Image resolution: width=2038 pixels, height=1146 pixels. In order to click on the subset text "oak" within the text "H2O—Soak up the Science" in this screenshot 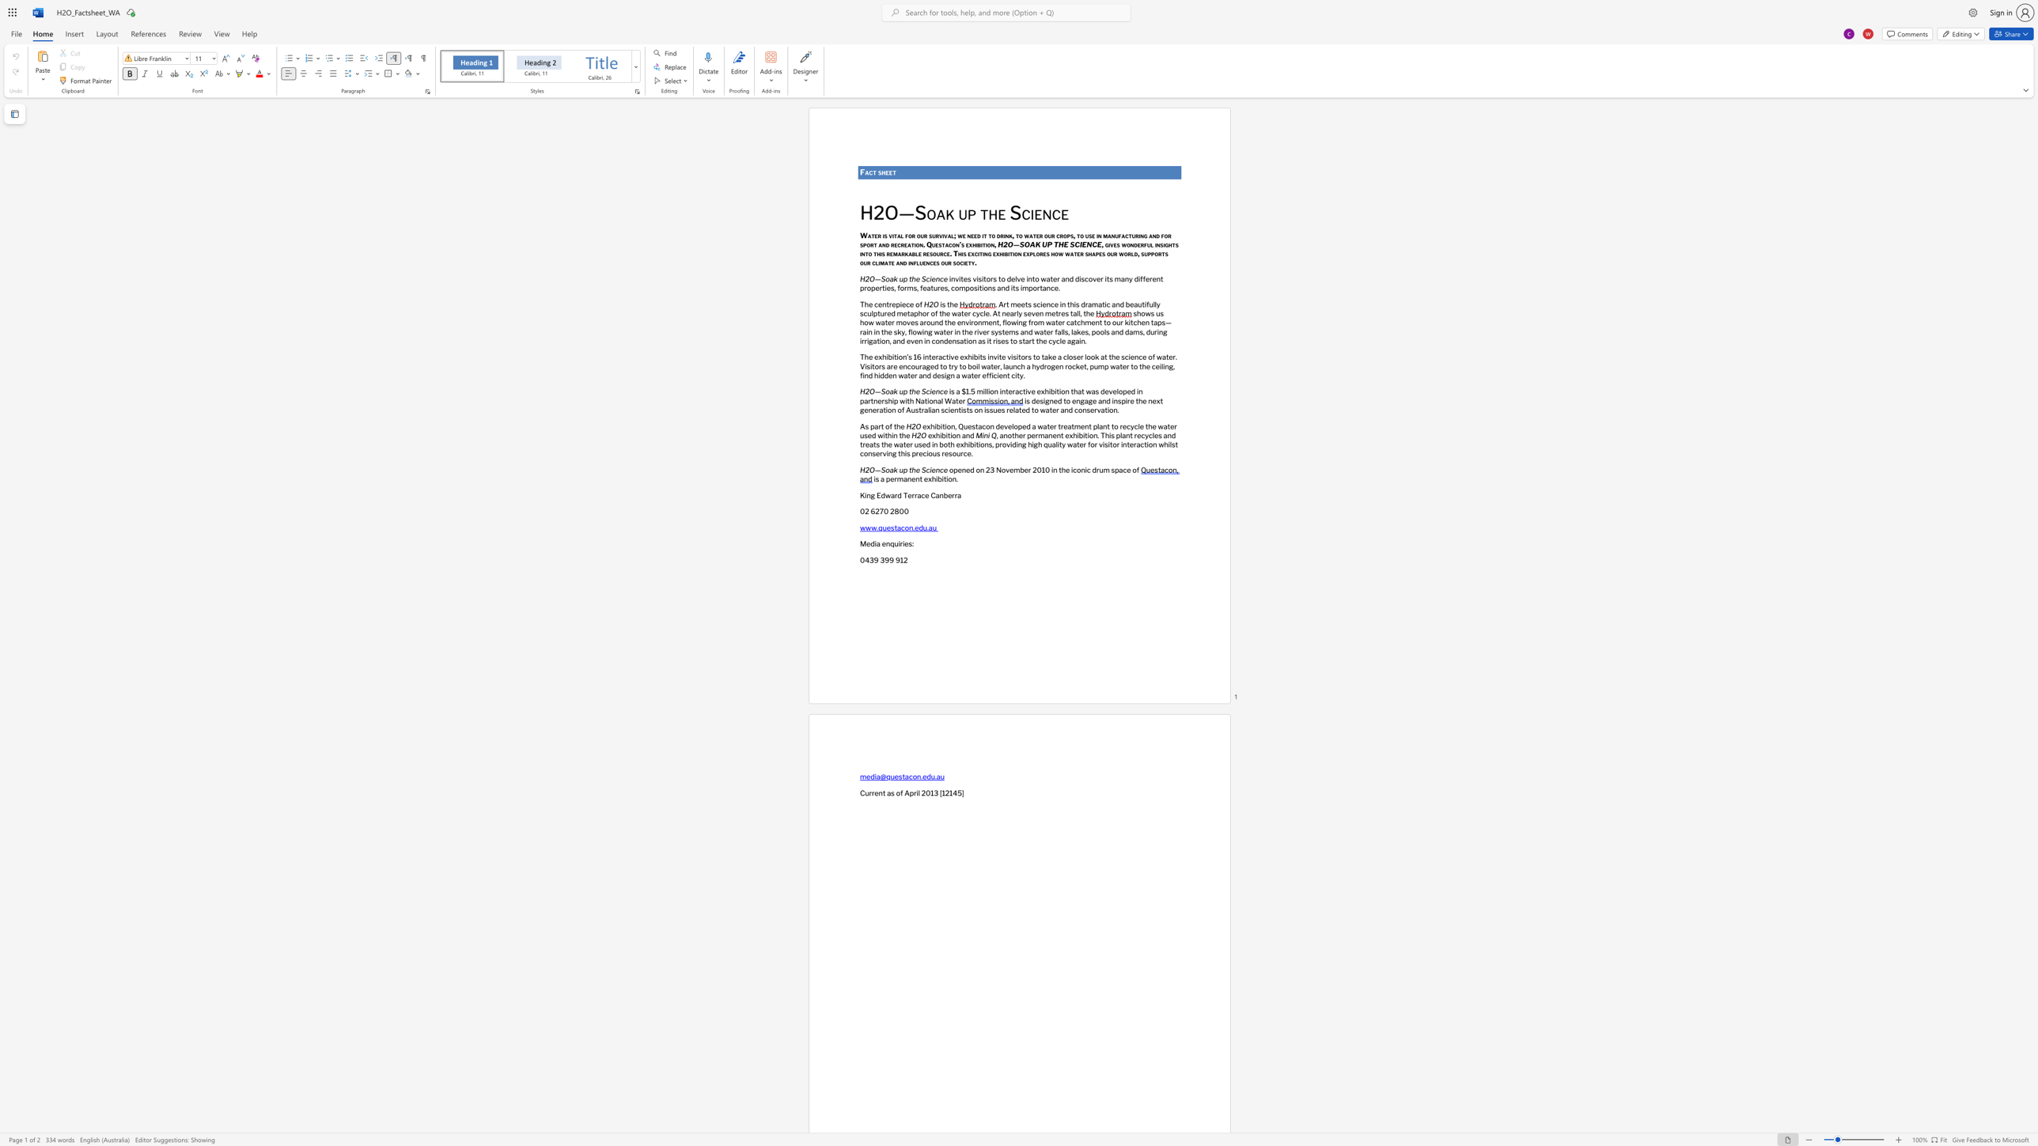, I will do `click(926, 214)`.